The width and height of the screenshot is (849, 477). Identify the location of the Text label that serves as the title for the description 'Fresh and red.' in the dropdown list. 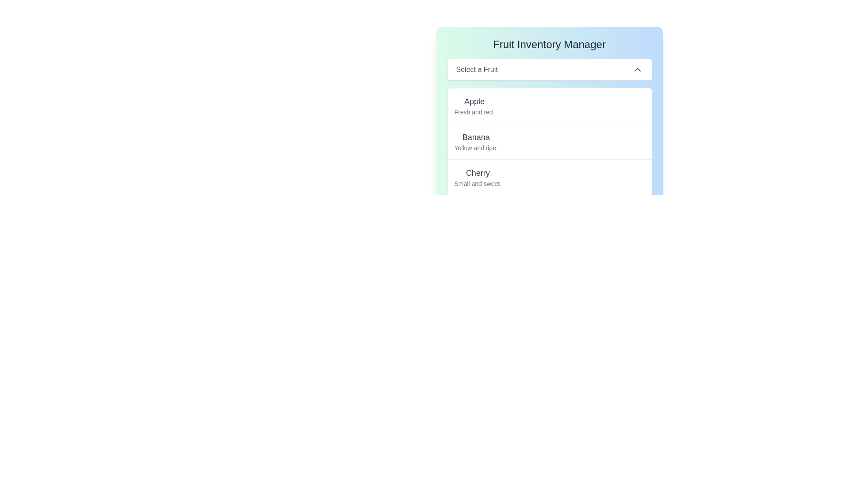
(474, 101).